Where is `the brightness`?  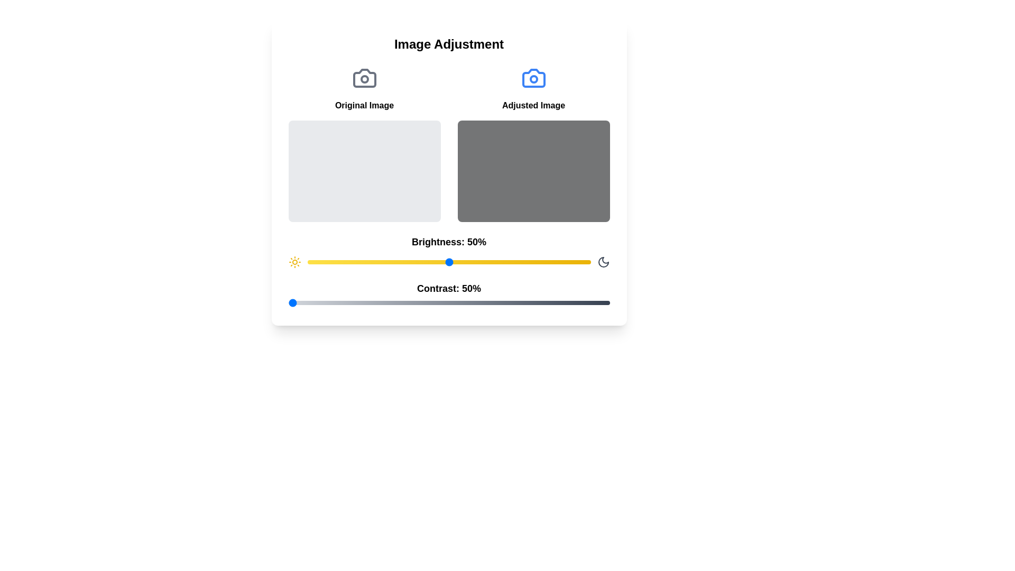
the brightness is located at coordinates (587, 262).